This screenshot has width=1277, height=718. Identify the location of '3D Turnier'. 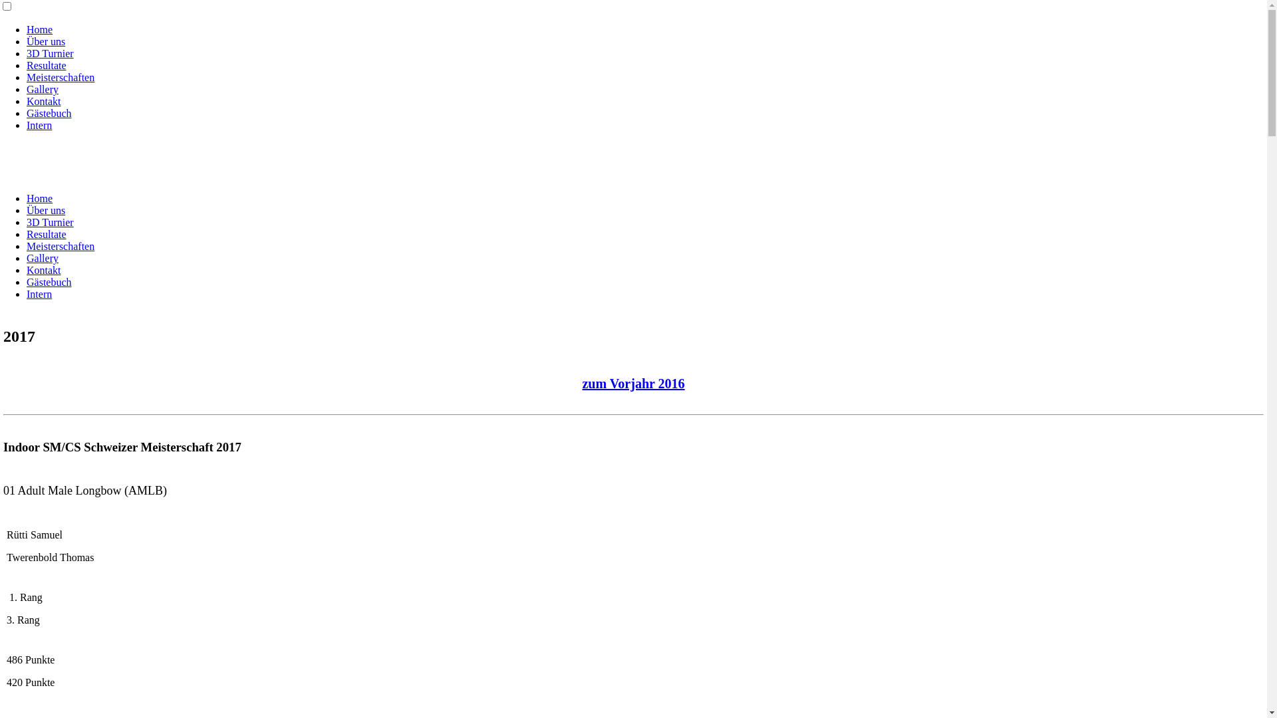
(50, 53).